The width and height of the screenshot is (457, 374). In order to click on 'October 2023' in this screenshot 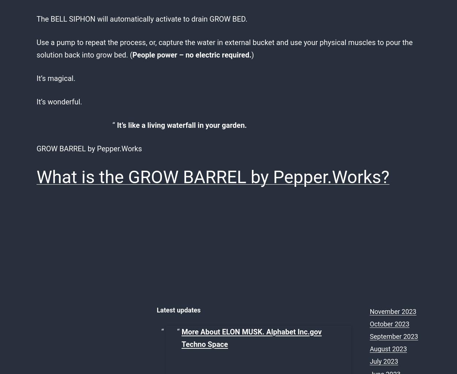, I will do `click(389, 323)`.